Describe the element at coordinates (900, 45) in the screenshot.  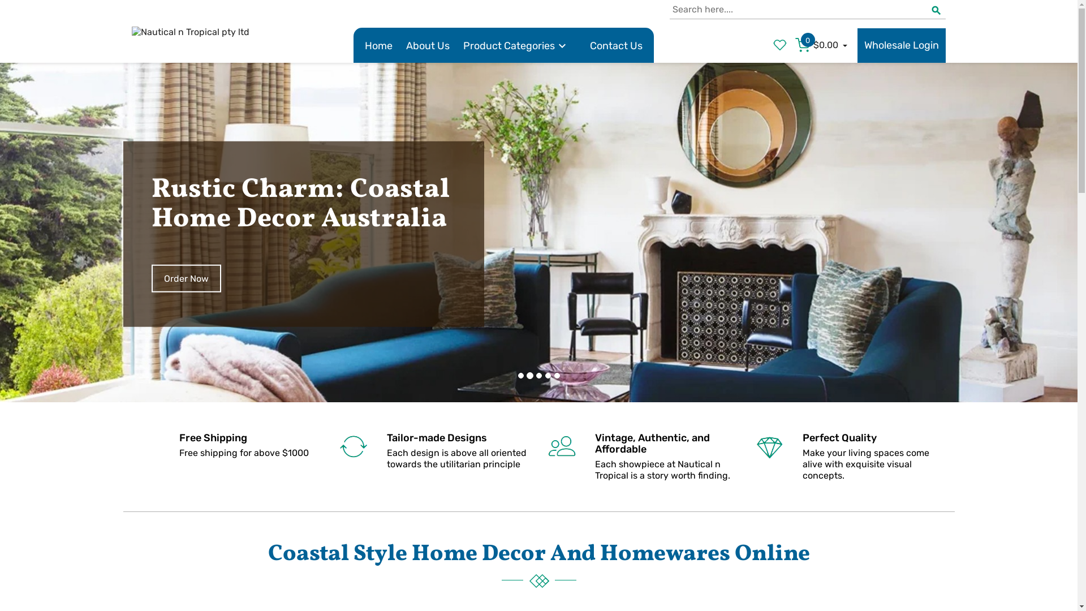
I see `'Wholesale Login'` at that location.